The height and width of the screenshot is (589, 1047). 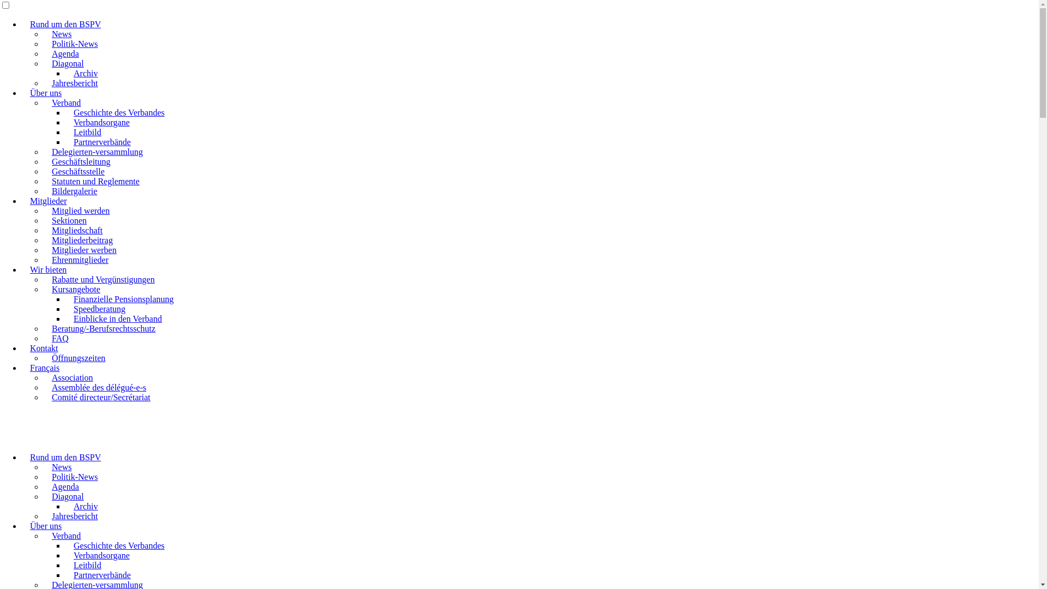 What do you see at coordinates (65, 131) in the screenshot?
I see `'Leitbild'` at bounding box center [65, 131].